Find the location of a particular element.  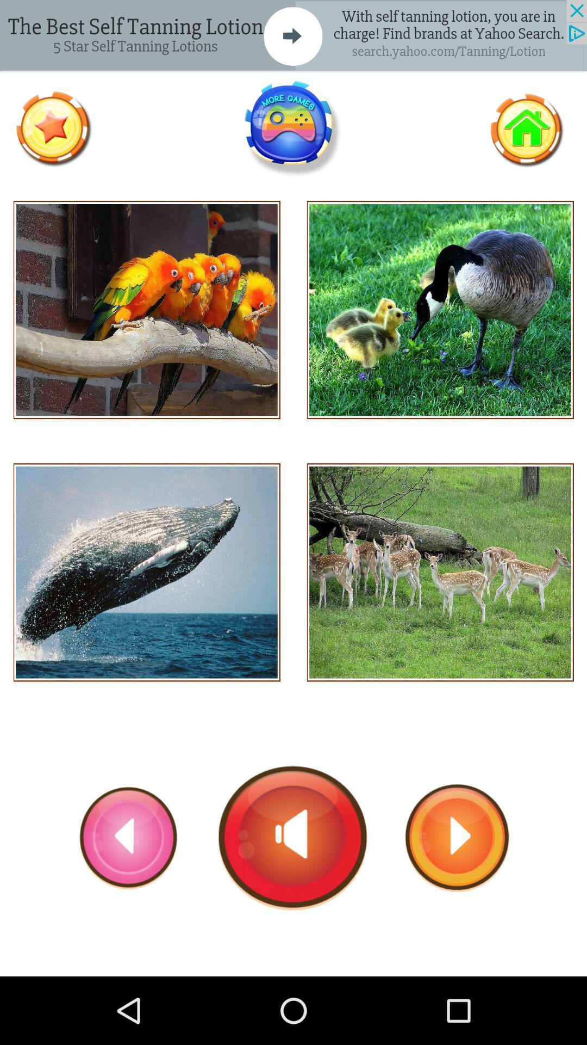

hear sound of that animal is located at coordinates (147, 309).